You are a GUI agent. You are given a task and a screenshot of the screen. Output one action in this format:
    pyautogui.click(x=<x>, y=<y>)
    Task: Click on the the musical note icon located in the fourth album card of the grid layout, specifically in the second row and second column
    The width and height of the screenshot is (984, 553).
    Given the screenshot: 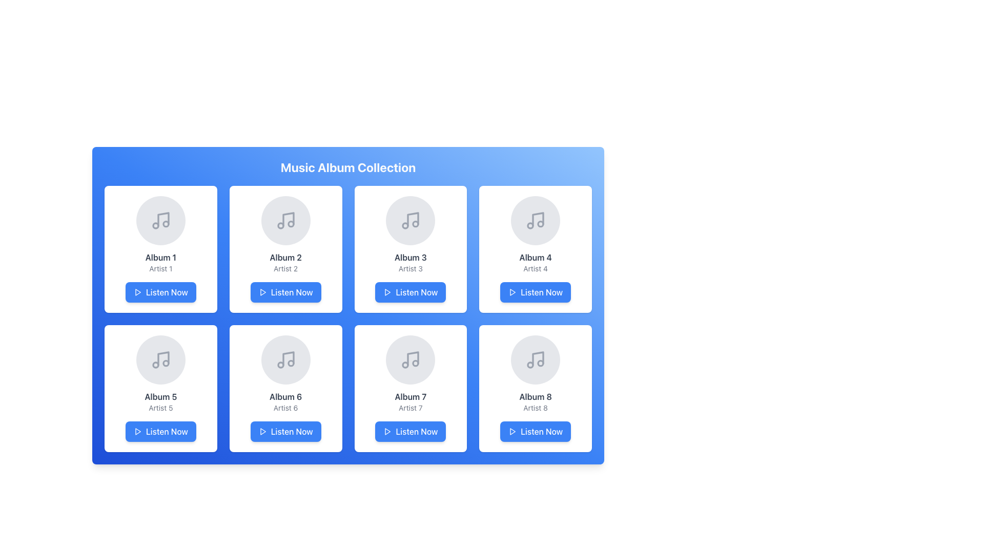 What is the action you would take?
    pyautogui.click(x=538, y=219)
    